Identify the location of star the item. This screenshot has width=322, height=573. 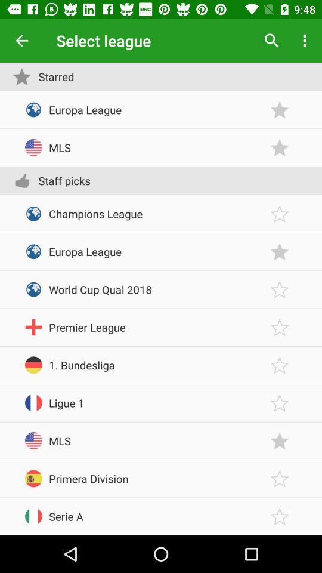
(280, 110).